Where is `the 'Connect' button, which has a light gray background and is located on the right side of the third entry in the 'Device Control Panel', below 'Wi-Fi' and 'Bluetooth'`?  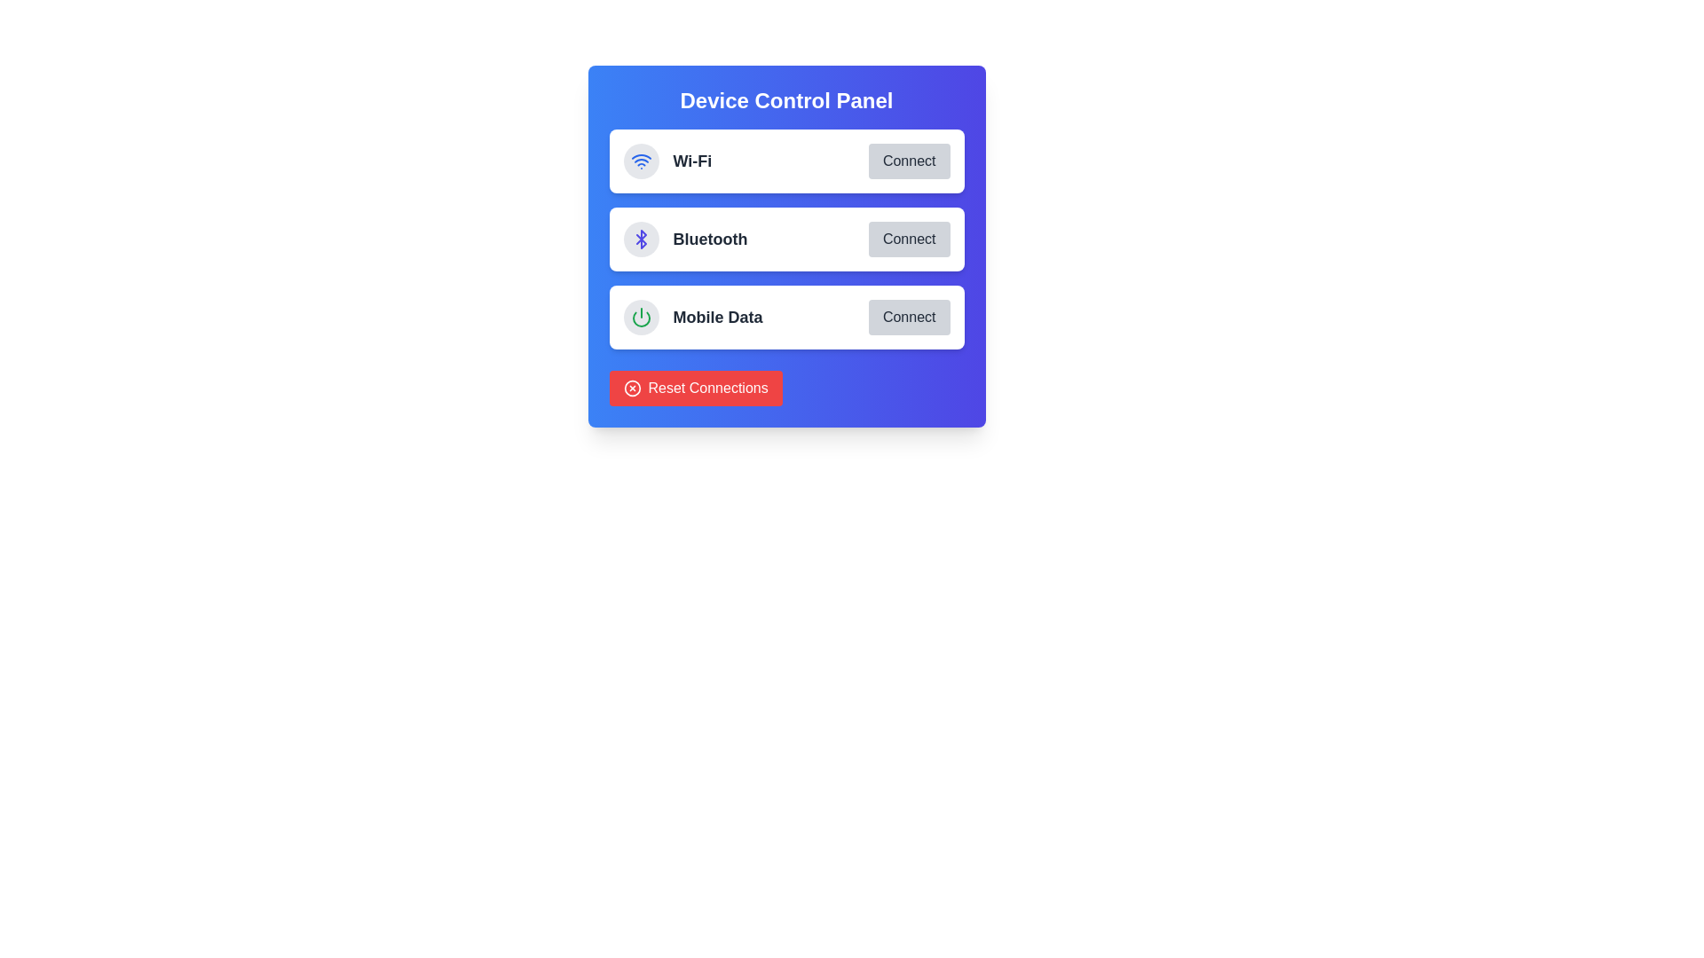
the 'Connect' button, which has a light gray background and is located on the right side of the third entry in the 'Device Control Panel', below 'Wi-Fi' and 'Bluetooth' is located at coordinates (909, 317).